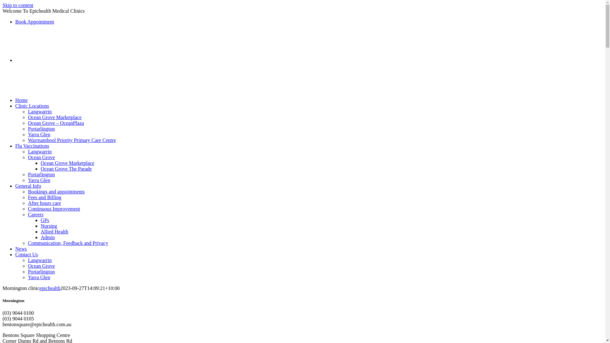 The image size is (610, 343). I want to click on 'Contact Us', so click(26, 254).